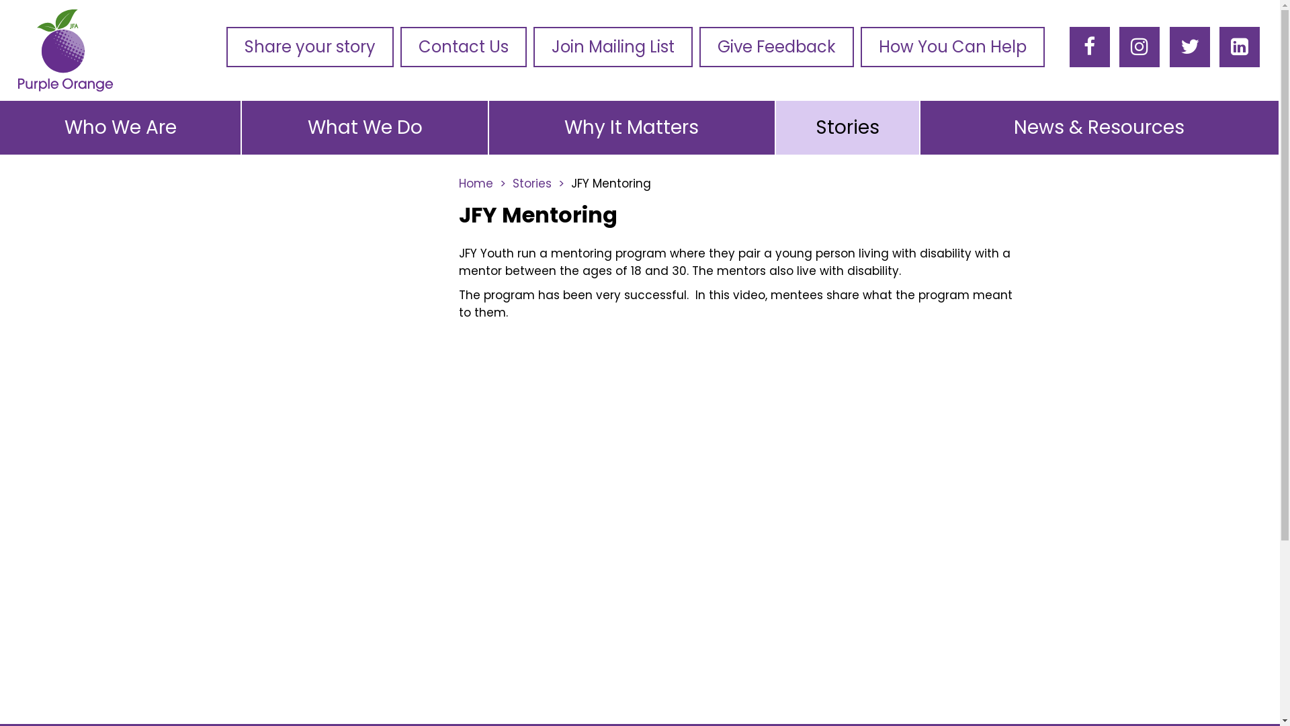 This screenshot has width=1290, height=726. What do you see at coordinates (532, 46) in the screenshot?
I see `'Join Mailing List'` at bounding box center [532, 46].